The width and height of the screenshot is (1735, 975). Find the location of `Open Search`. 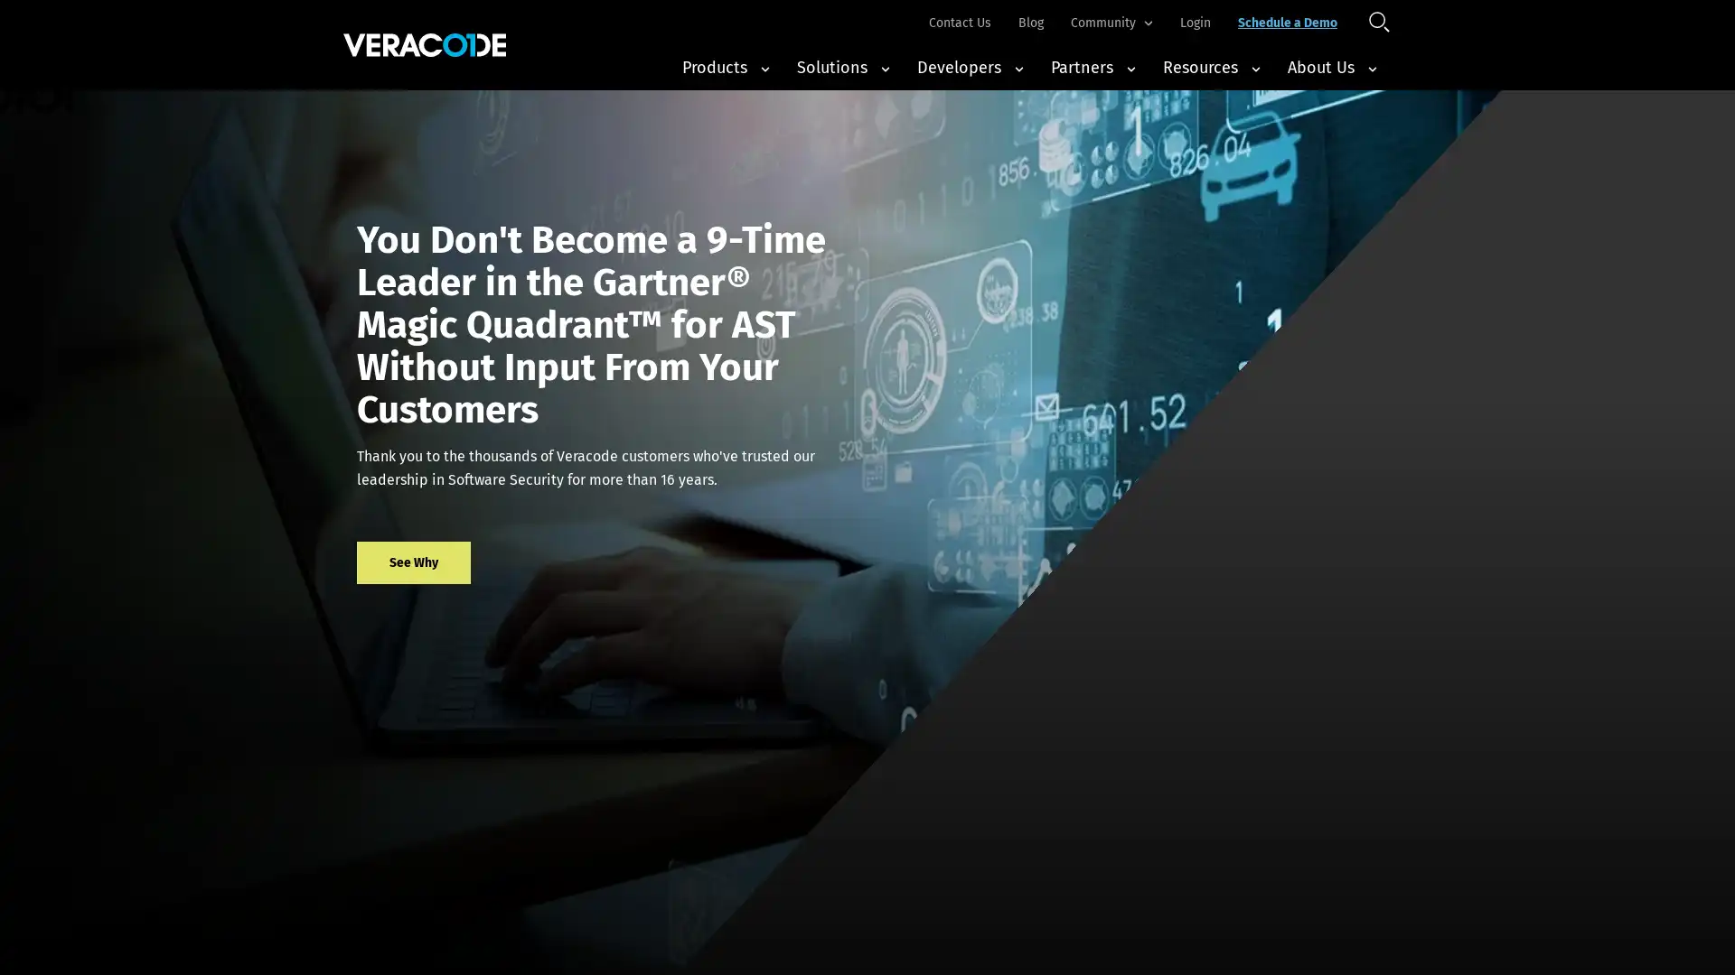

Open Search is located at coordinates (1377, 21).